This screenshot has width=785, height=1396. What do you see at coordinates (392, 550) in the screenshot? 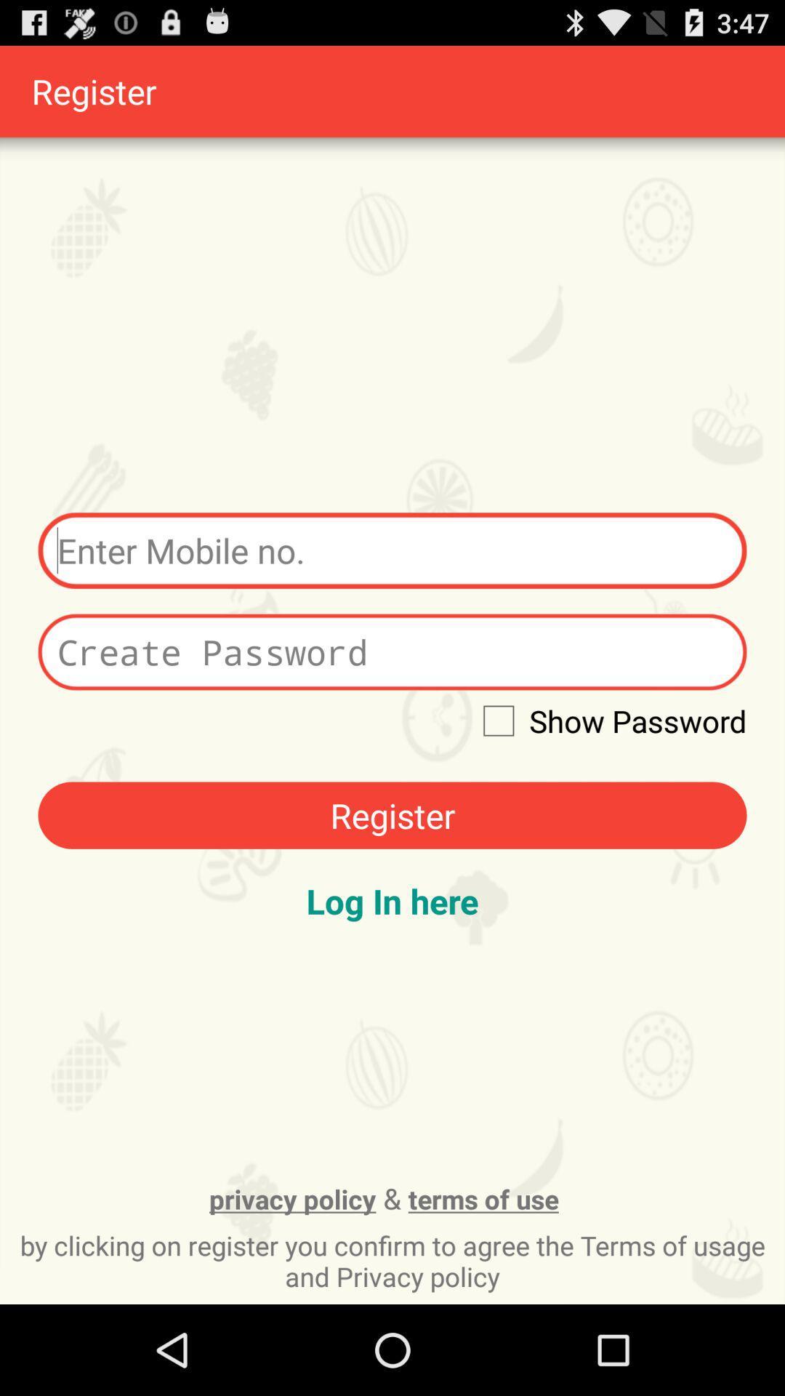
I see `mobile number` at bounding box center [392, 550].